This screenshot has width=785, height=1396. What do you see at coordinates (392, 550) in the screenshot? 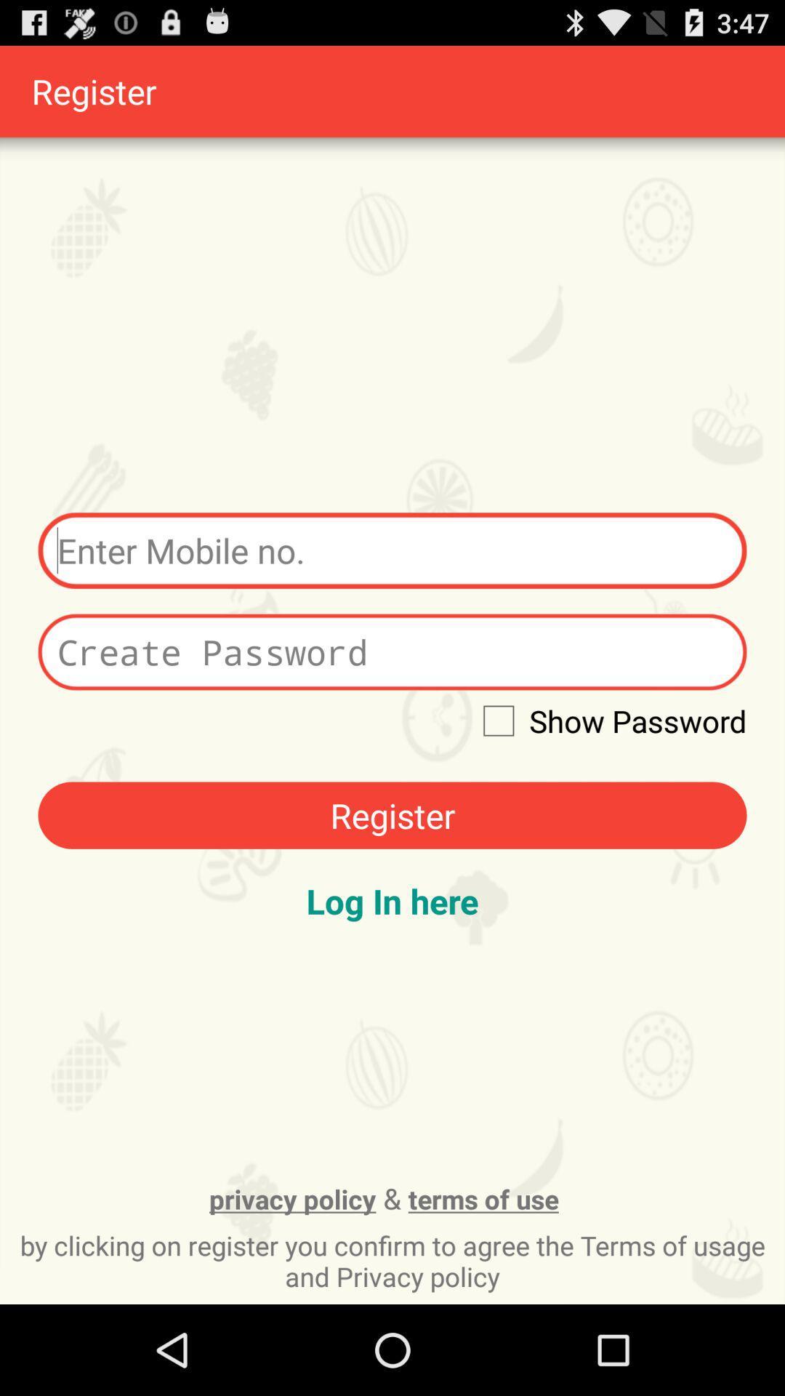
I see `mobile number` at bounding box center [392, 550].